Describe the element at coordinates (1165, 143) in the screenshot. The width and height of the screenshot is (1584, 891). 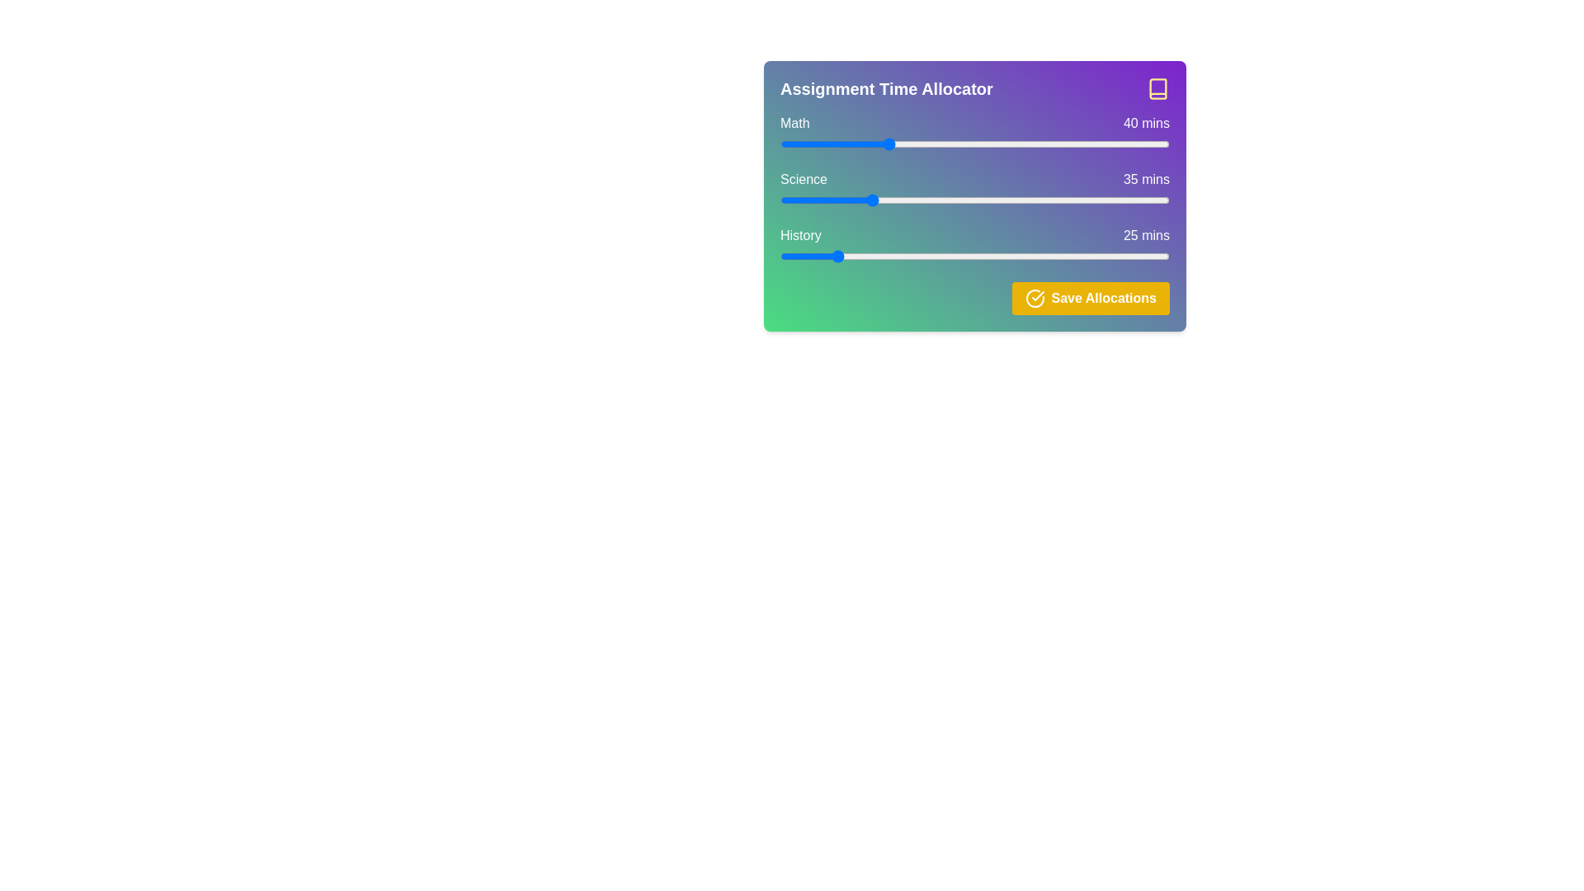
I see `the time allocation for Math` at that location.